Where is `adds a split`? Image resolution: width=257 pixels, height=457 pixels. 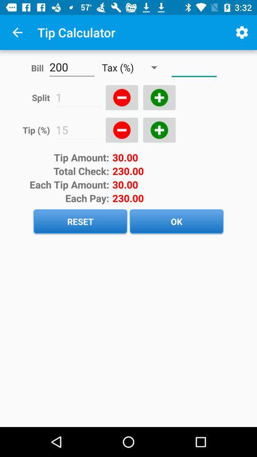
adds a split is located at coordinates (159, 98).